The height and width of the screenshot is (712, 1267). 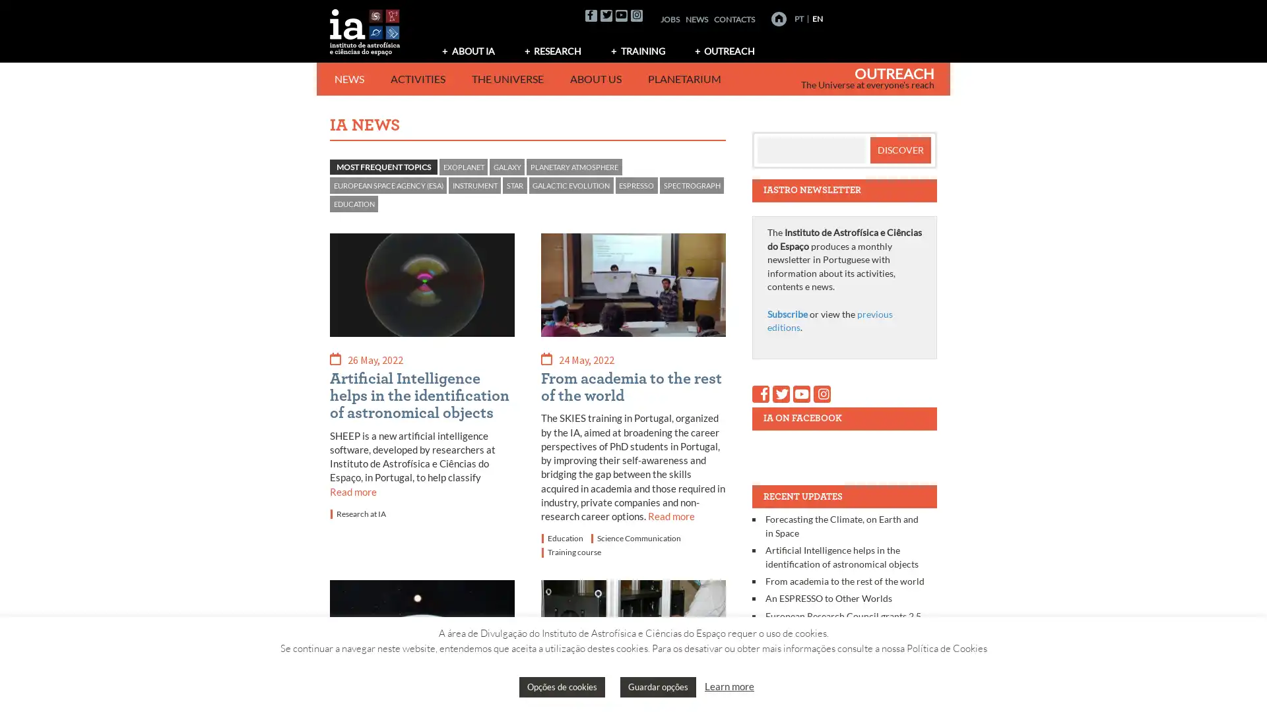 What do you see at coordinates (562, 686) in the screenshot?
I see `Opcoes de cookies` at bounding box center [562, 686].